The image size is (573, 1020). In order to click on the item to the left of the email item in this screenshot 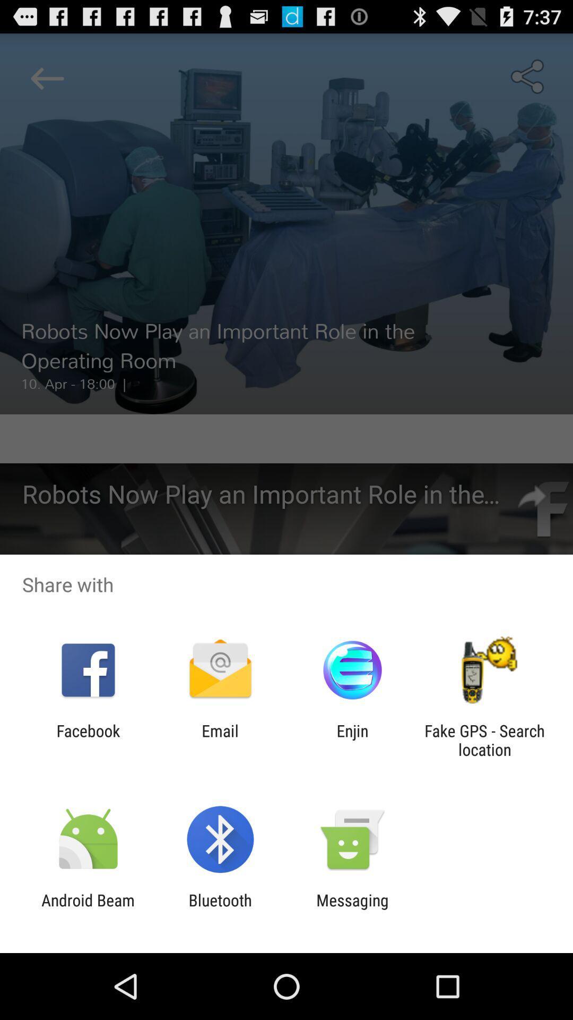, I will do `click(88, 739)`.